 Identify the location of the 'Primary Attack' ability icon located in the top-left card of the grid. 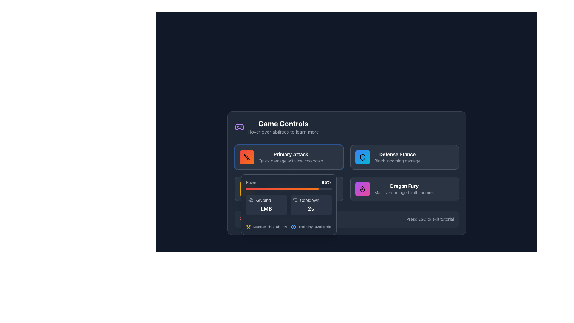
(247, 157).